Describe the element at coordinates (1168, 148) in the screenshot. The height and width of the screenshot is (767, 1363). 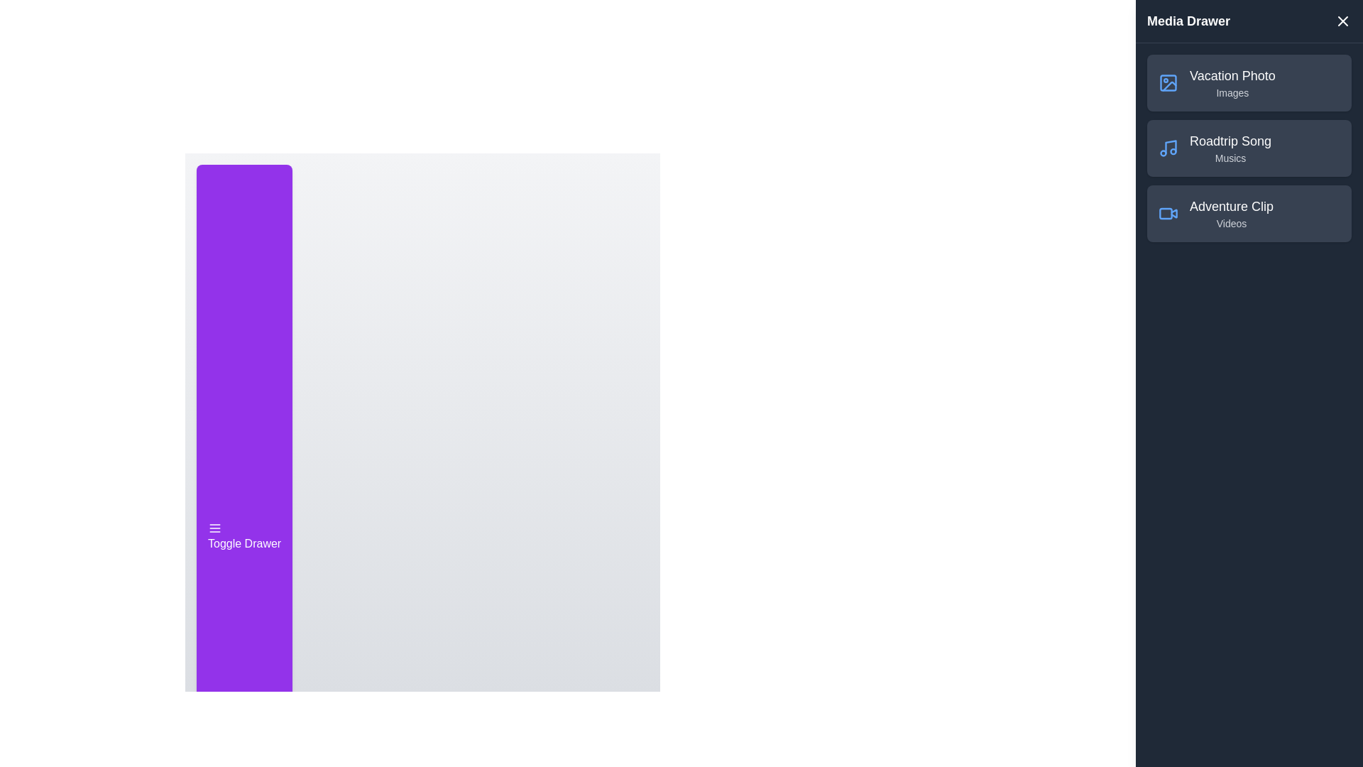
I see `the element Roadtrip Song to observe visual feedback` at that location.